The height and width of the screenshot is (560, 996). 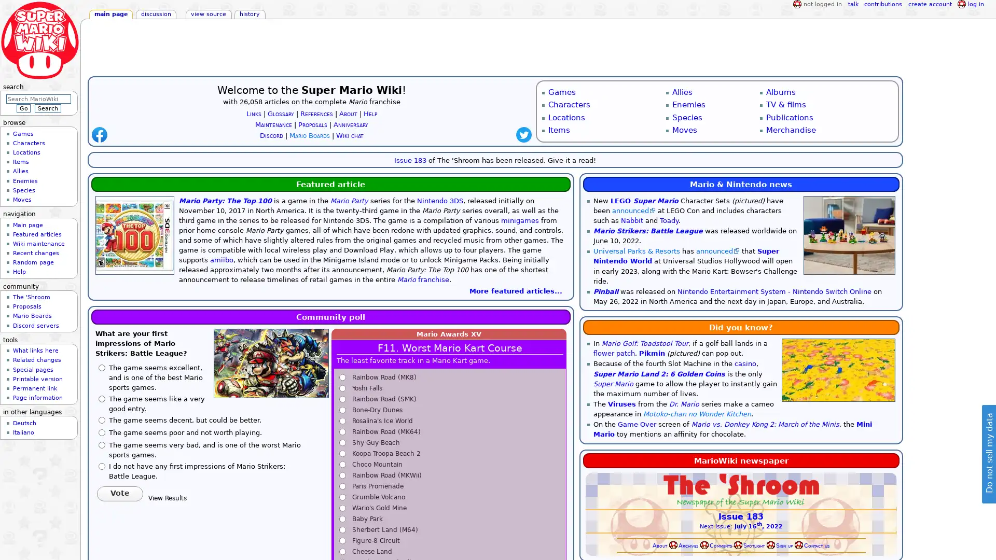 What do you see at coordinates (47, 108) in the screenshot?
I see `Search` at bounding box center [47, 108].